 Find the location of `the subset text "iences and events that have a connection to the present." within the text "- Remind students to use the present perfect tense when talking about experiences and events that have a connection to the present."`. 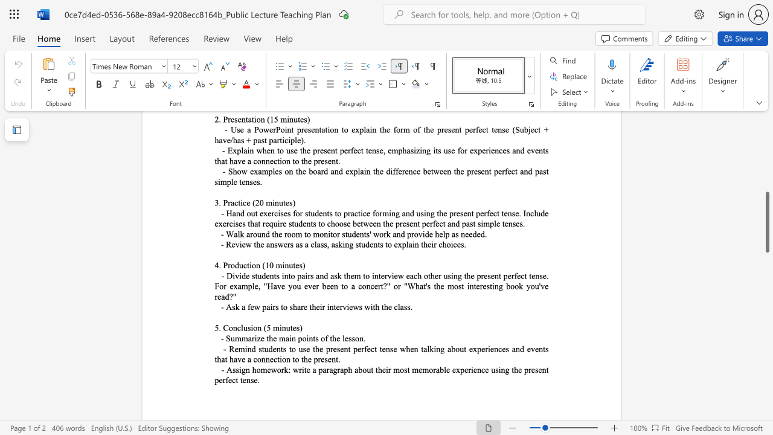

the subset text "iences and events that have a connection to the present." within the text "- Remind students to use the present perfect tense when talking about experiences and events that have a connection to the present." is located at coordinates (487, 349).